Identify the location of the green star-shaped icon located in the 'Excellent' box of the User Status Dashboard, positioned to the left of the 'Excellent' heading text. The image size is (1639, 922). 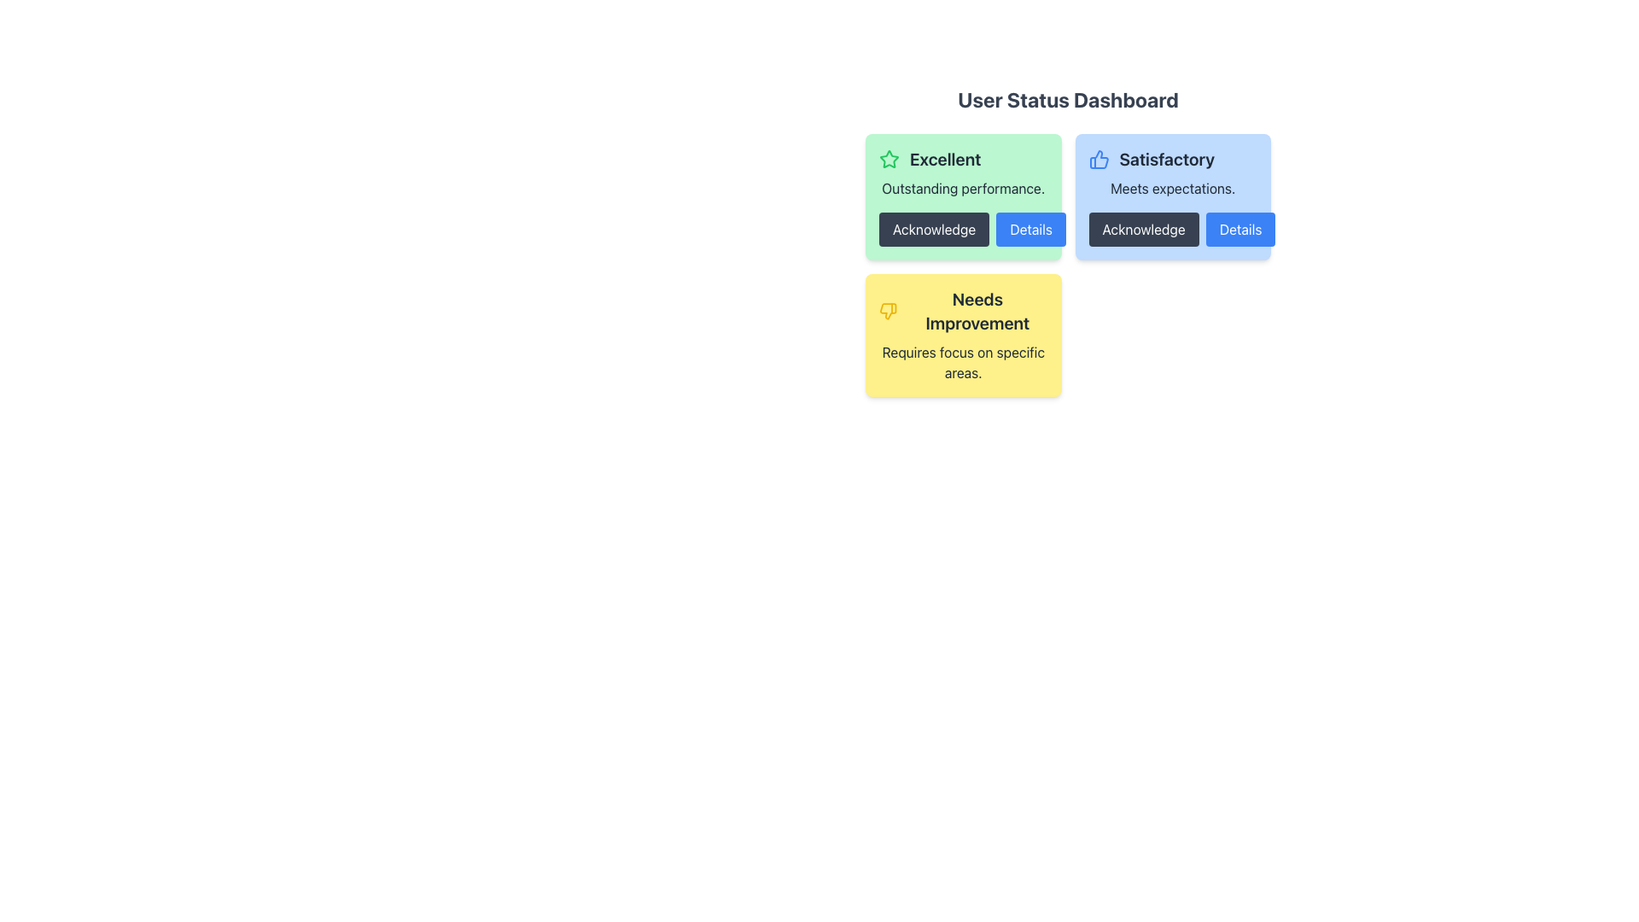
(888, 159).